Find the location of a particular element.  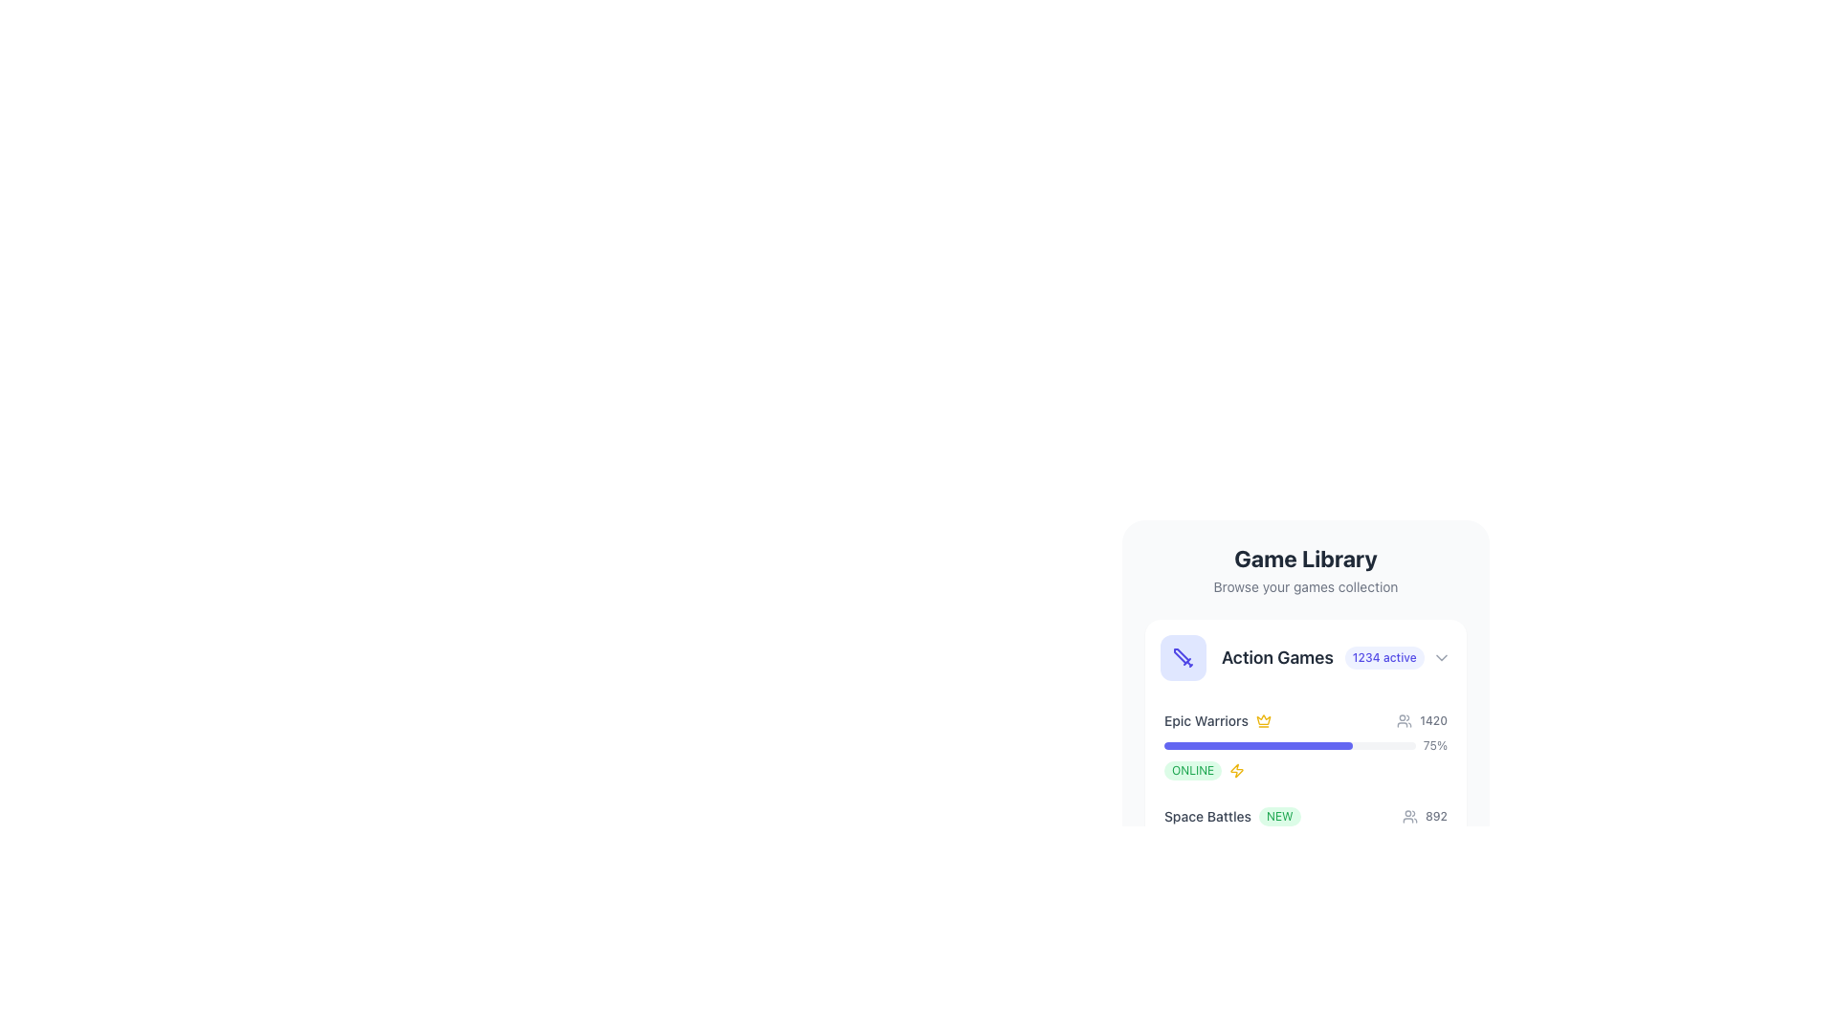

the List Item labeled 'Space Battles' in the 'Game Library' section is located at coordinates (1304, 840).